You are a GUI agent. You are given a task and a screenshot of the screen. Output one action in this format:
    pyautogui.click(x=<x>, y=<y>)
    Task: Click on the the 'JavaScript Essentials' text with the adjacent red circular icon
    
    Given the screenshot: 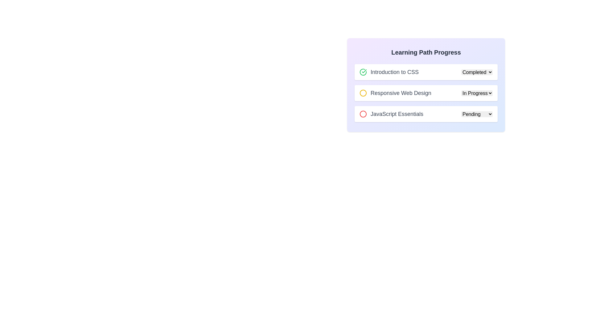 What is the action you would take?
    pyautogui.click(x=391, y=114)
    